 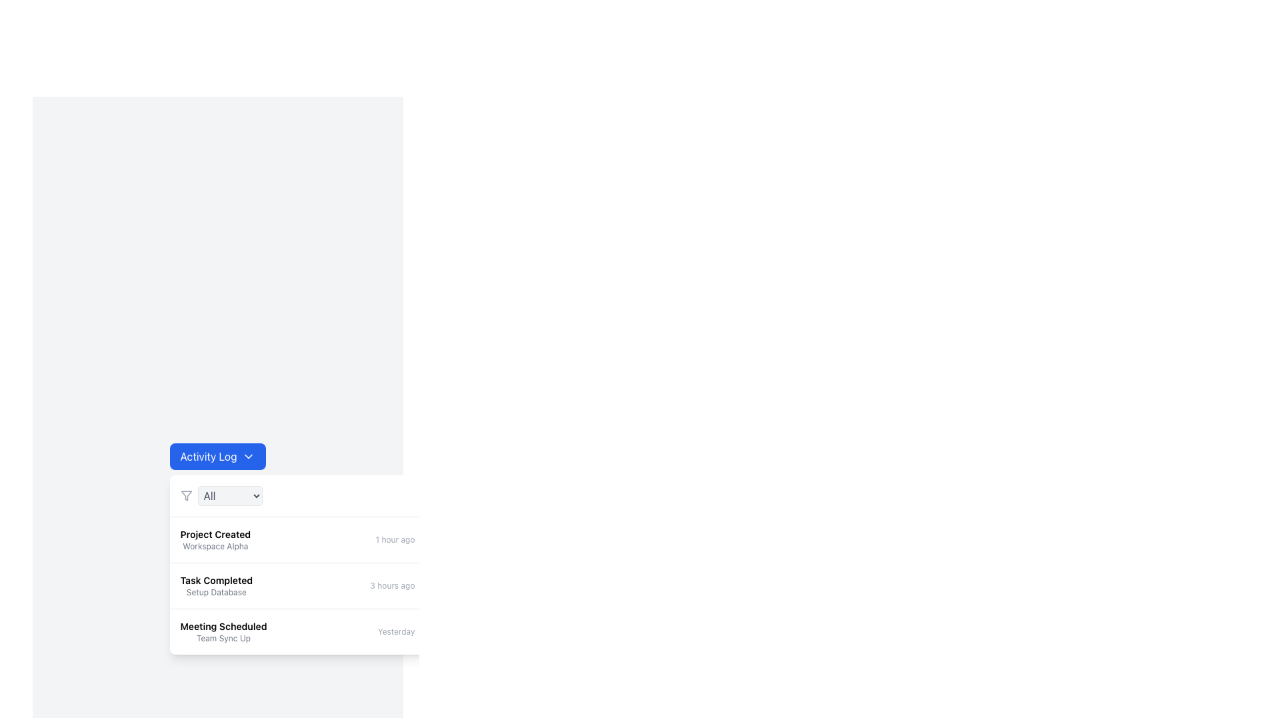 I want to click on the List item element titled 'Task Completed' with the subtitle 'Setup Database', located in the middle of the activity log section, so click(x=216, y=585).